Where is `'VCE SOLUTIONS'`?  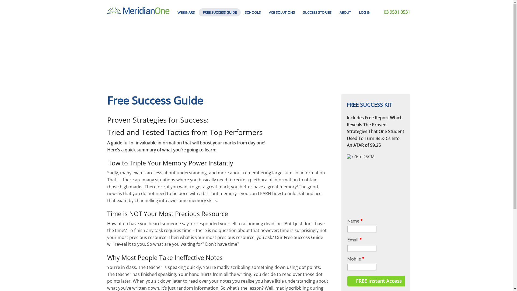
'VCE SOLUTIONS' is located at coordinates (264, 12).